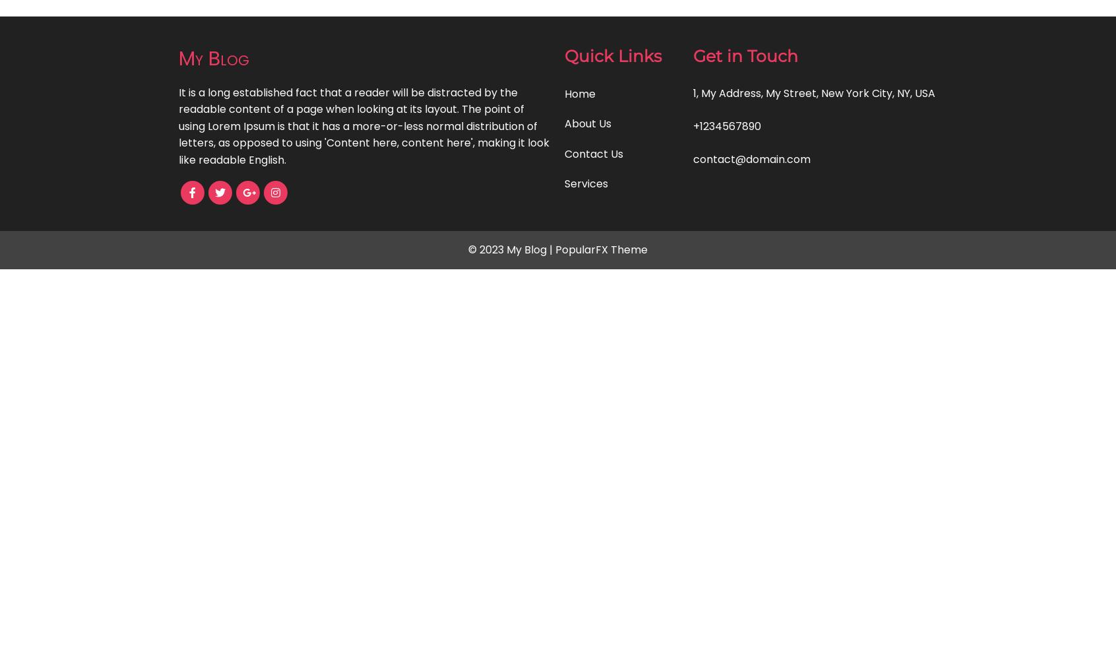  What do you see at coordinates (751, 158) in the screenshot?
I see `'contact@domain.com'` at bounding box center [751, 158].